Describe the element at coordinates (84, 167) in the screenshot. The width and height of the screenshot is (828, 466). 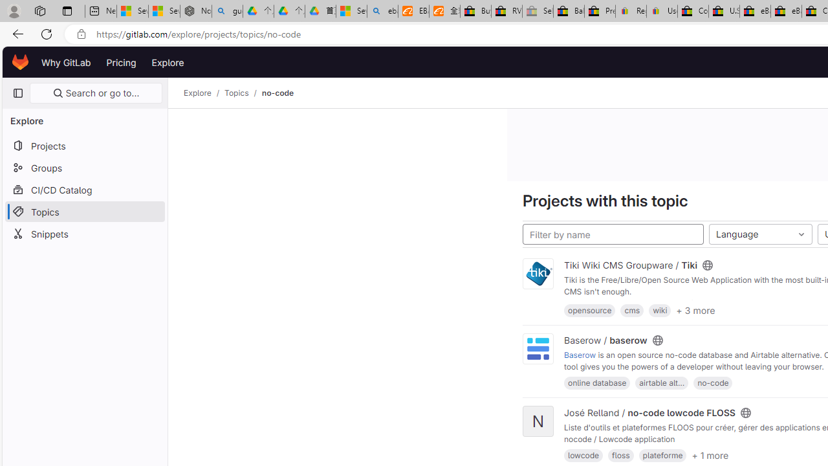
I see `'Groups'` at that location.